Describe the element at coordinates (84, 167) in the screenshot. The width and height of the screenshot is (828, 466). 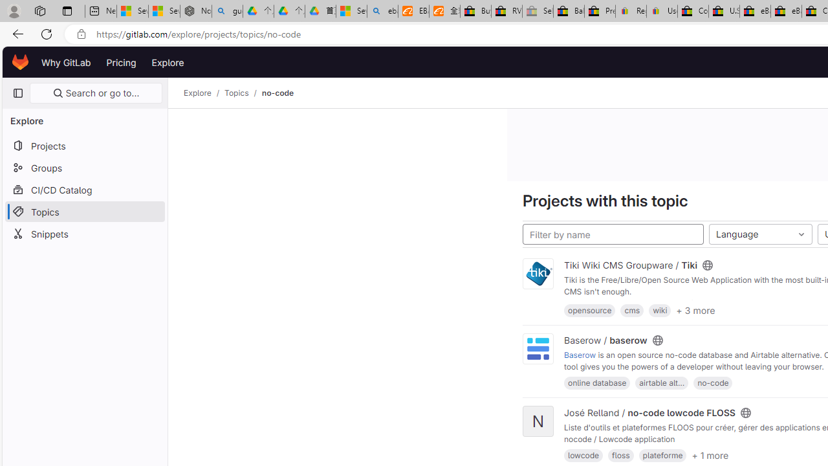
I see `'Groups'` at that location.